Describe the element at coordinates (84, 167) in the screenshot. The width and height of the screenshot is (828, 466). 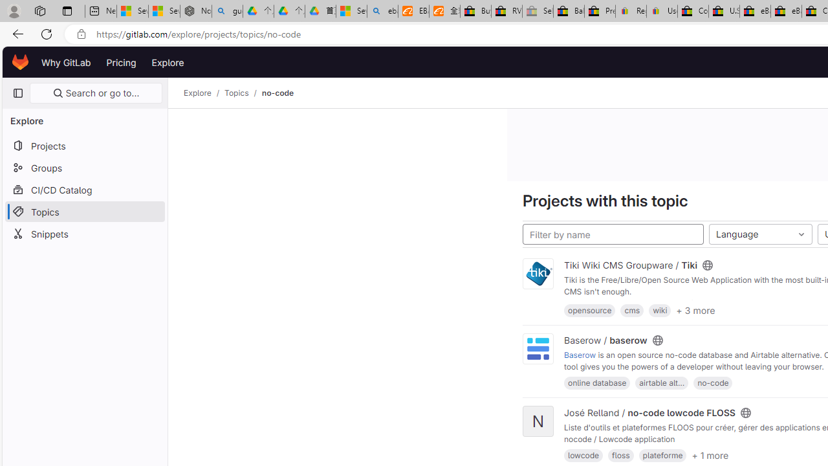
I see `'Groups'` at that location.